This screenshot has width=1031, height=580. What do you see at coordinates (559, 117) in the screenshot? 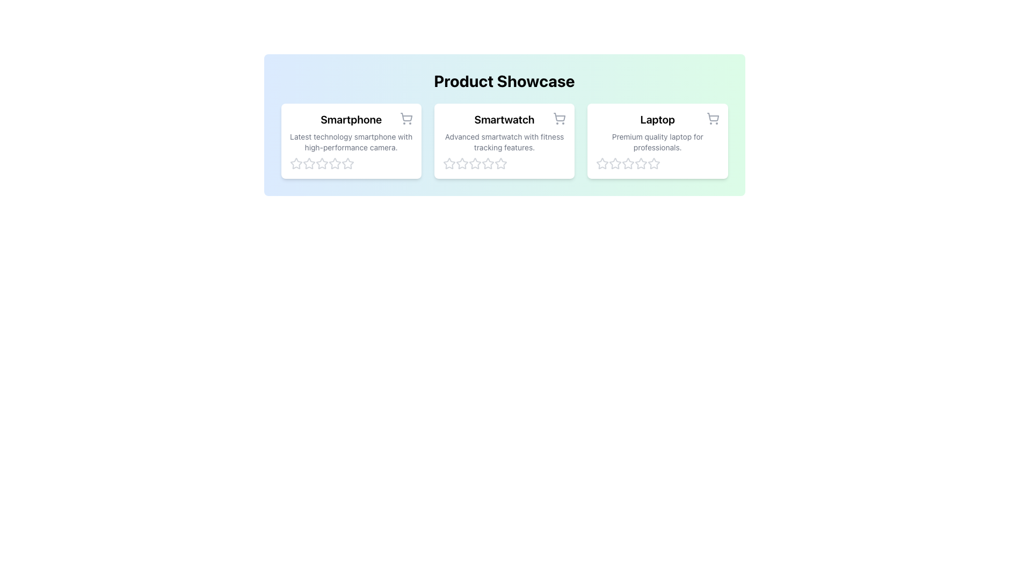
I see `the shopping cart icon, which is a vector graphic with a rounded rectangle shape and gray outline, located at the top-right corner of the 'Smartwatch' card` at bounding box center [559, 117].